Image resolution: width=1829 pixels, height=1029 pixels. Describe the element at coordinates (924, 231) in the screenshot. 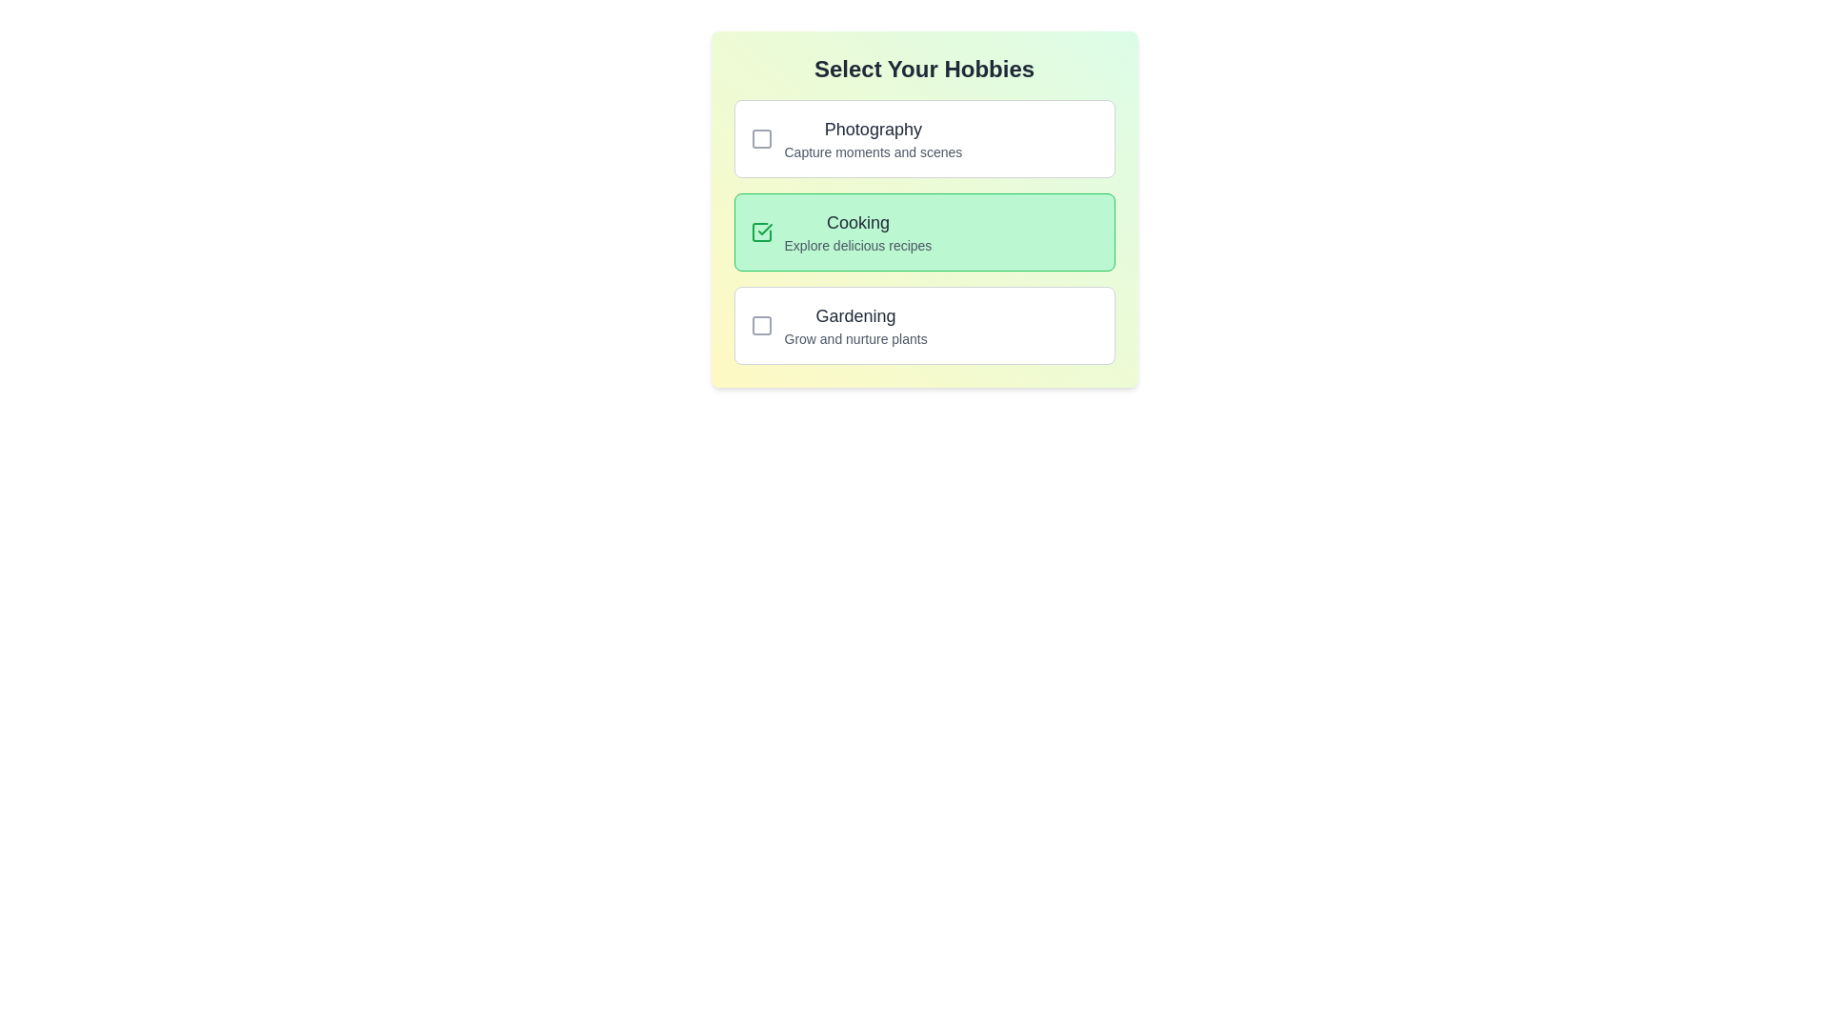

I see `the selectable list item labeled 'Cooking'` at that location.